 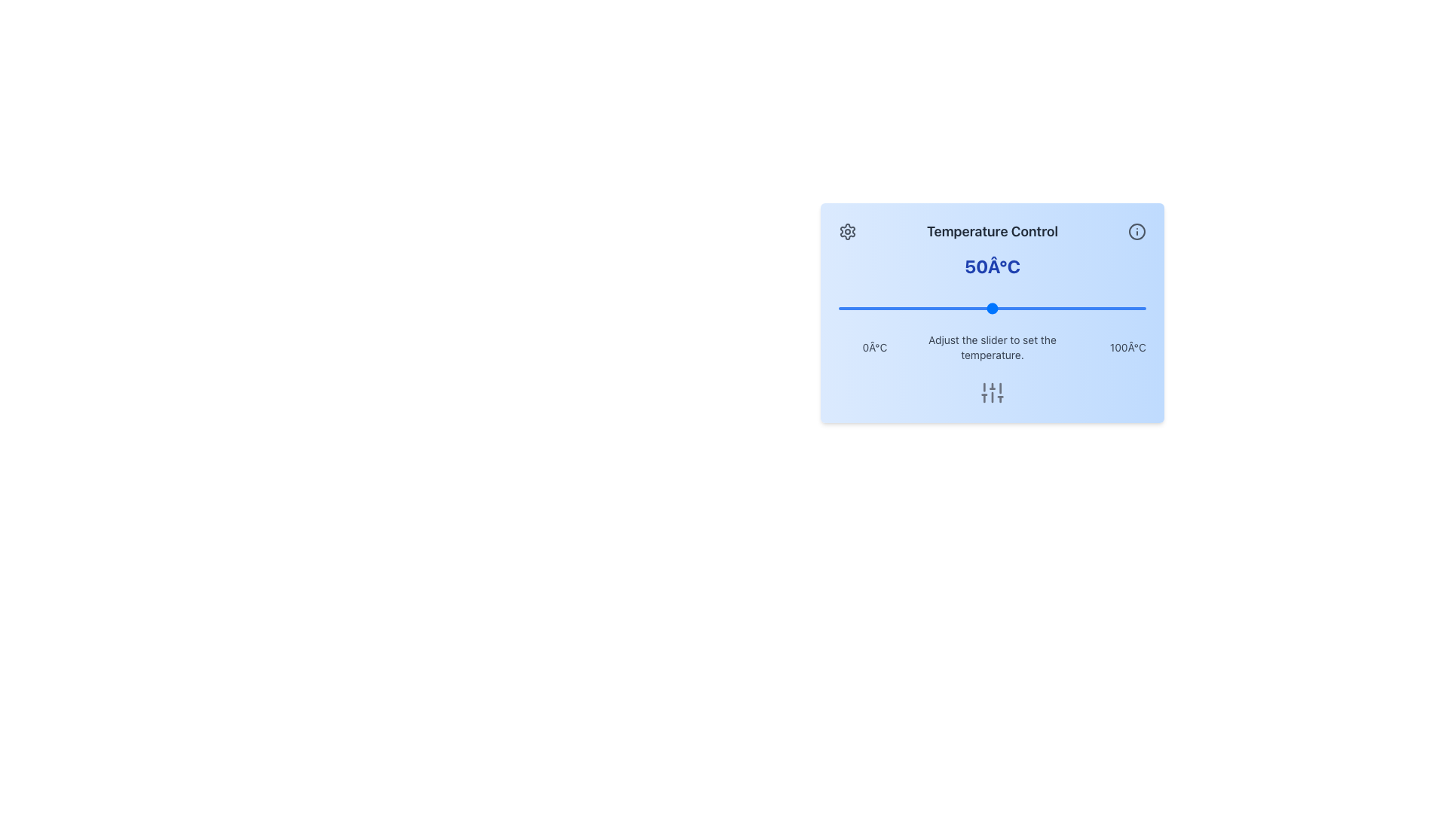 I want to click on the circular gray icon located in the top-right corner of the temperature control interface, aligned with the text 'Temperature Control', so click(x=1136, y=232).